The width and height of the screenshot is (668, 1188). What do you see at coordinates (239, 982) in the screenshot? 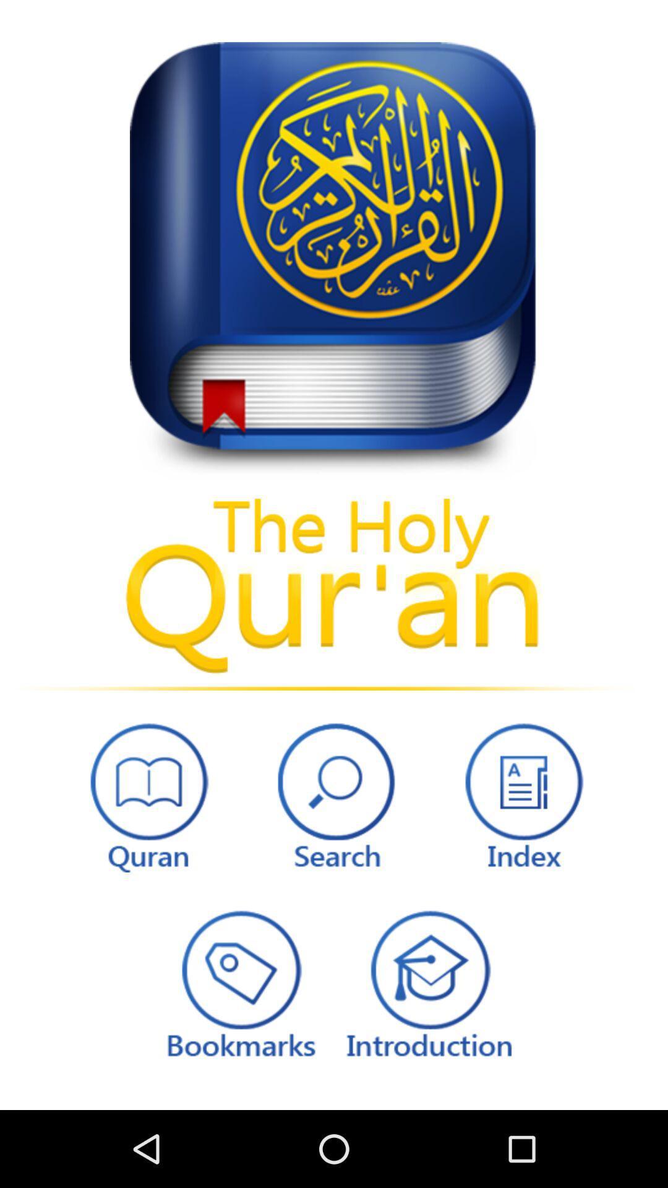
I see `books marks button` at bounding box center [239, 982].